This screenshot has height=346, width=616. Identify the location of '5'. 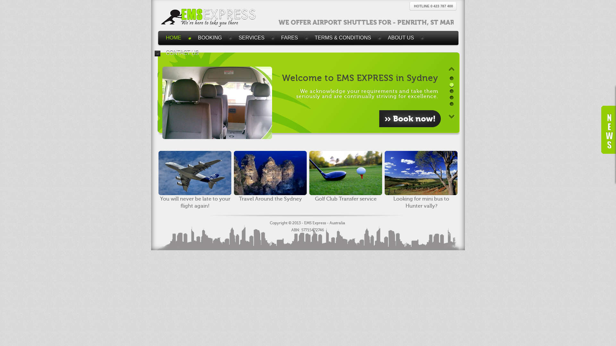
(449, 104).